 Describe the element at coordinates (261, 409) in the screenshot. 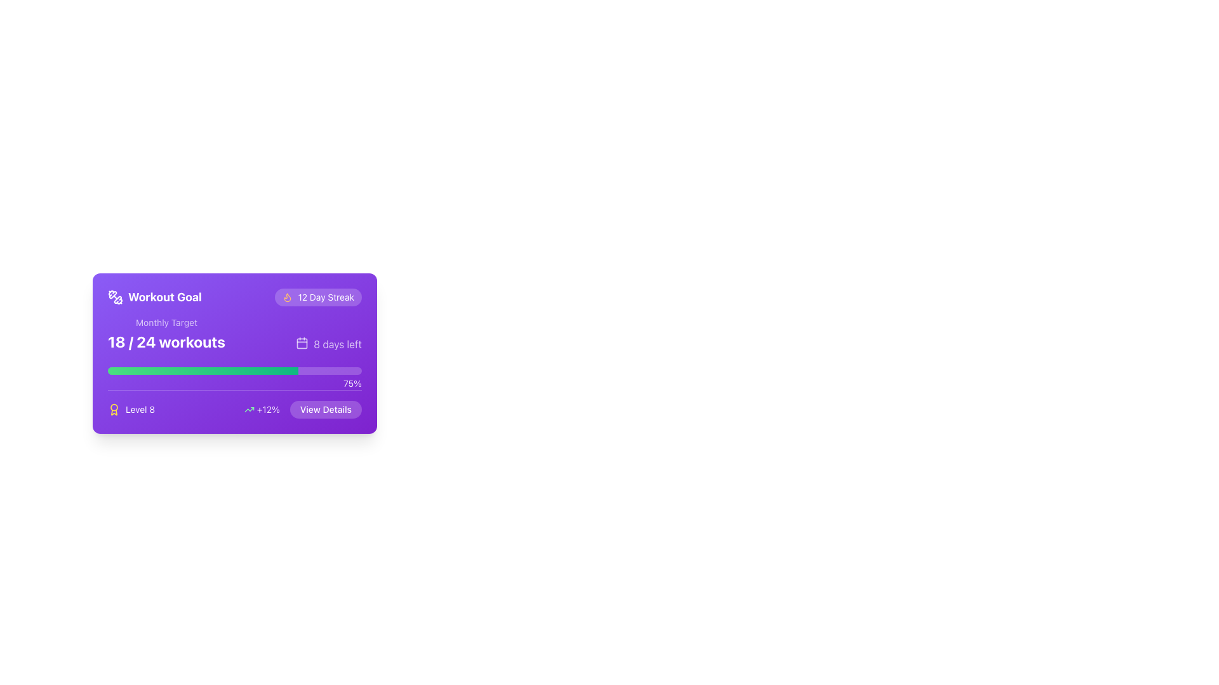

I see `the label displaying the percentage value '+12%' with a green upward-trending arrow icon, which is positioned on a purple background` at that location.